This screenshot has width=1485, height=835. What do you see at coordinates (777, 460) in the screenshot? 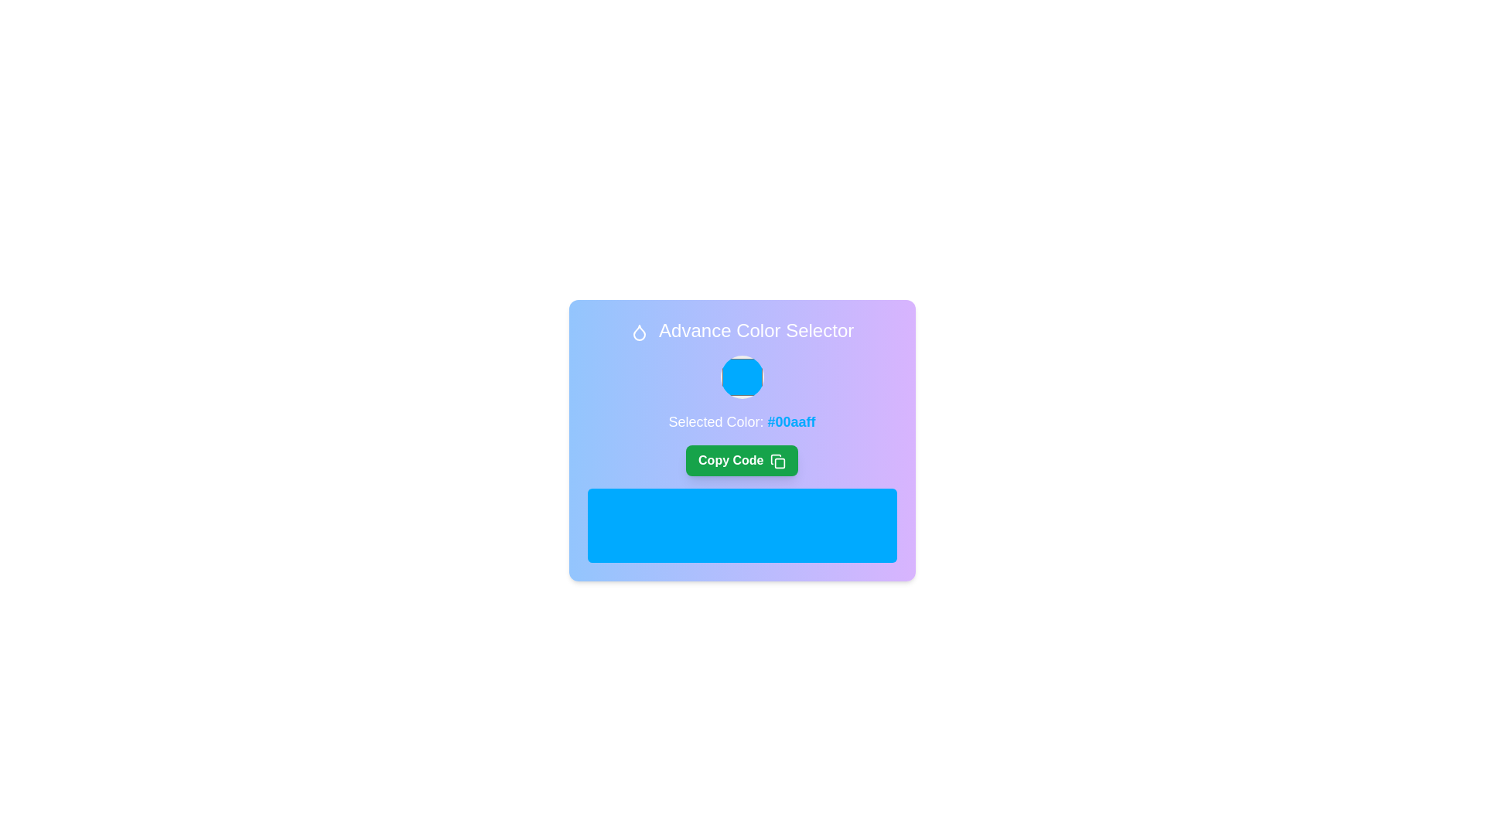
I see `the icon inside the green 'Copy Code' button` at bounding box center [777, 460].